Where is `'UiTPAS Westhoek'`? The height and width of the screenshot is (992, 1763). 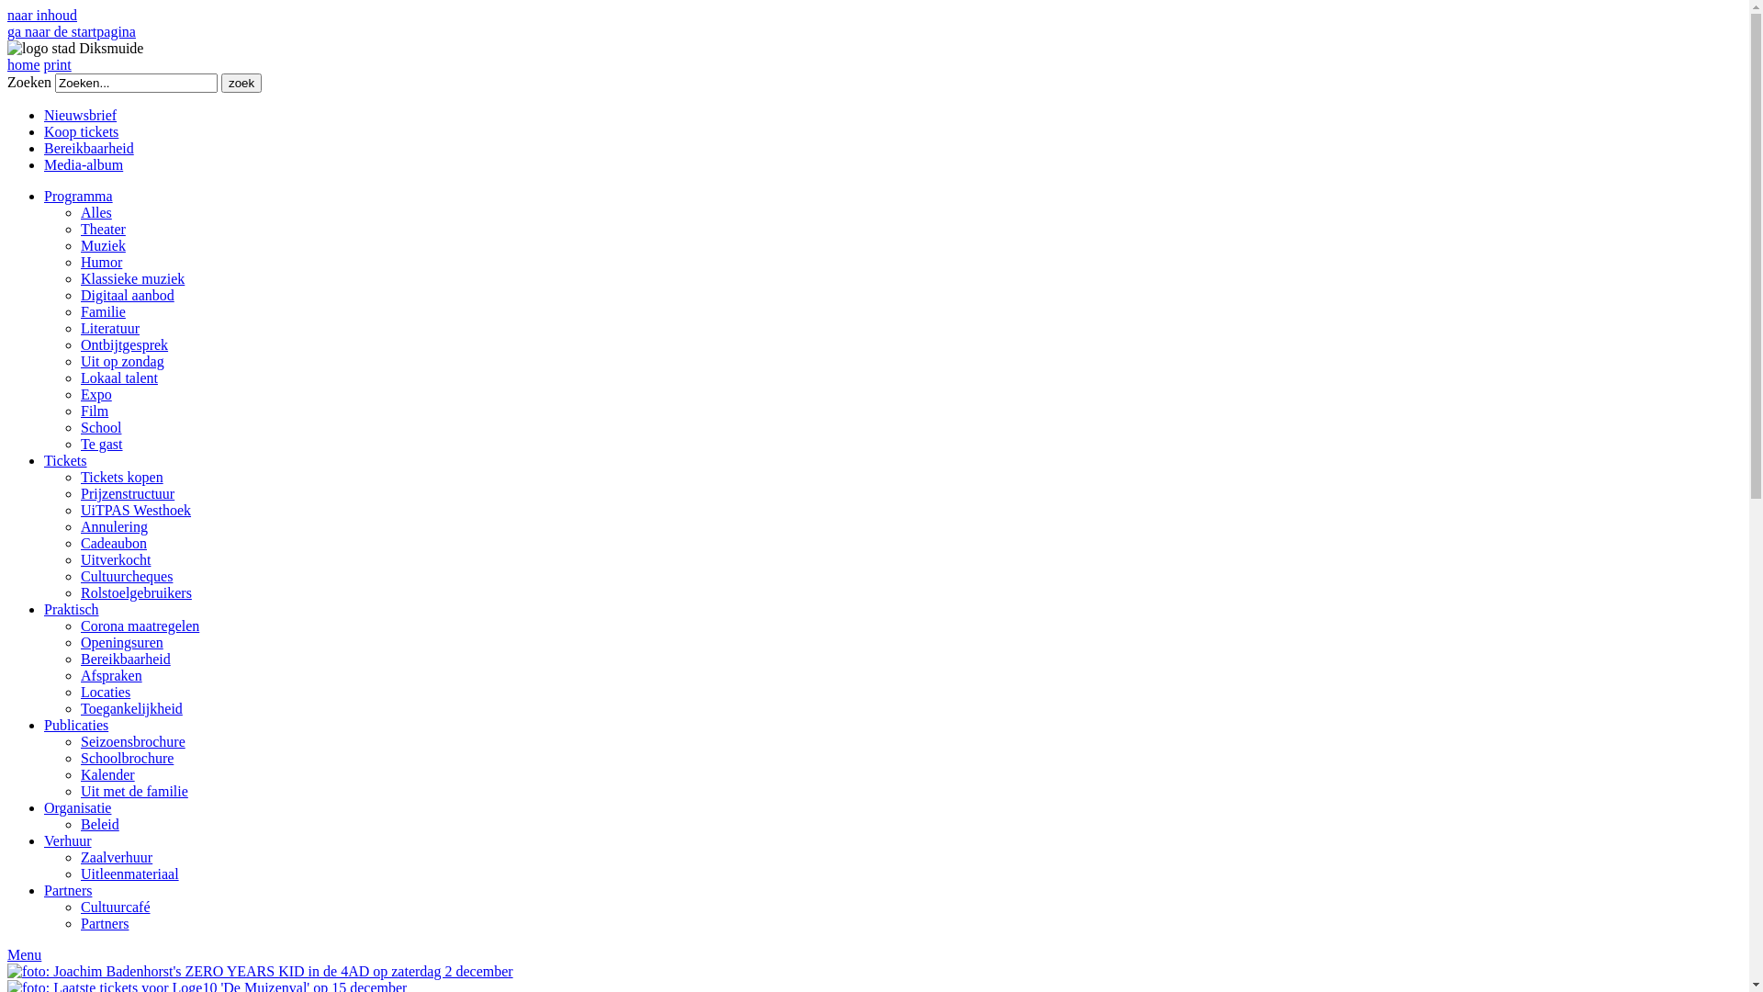
'UiTPAS Westhoek' is located at coordinates (135, 510).